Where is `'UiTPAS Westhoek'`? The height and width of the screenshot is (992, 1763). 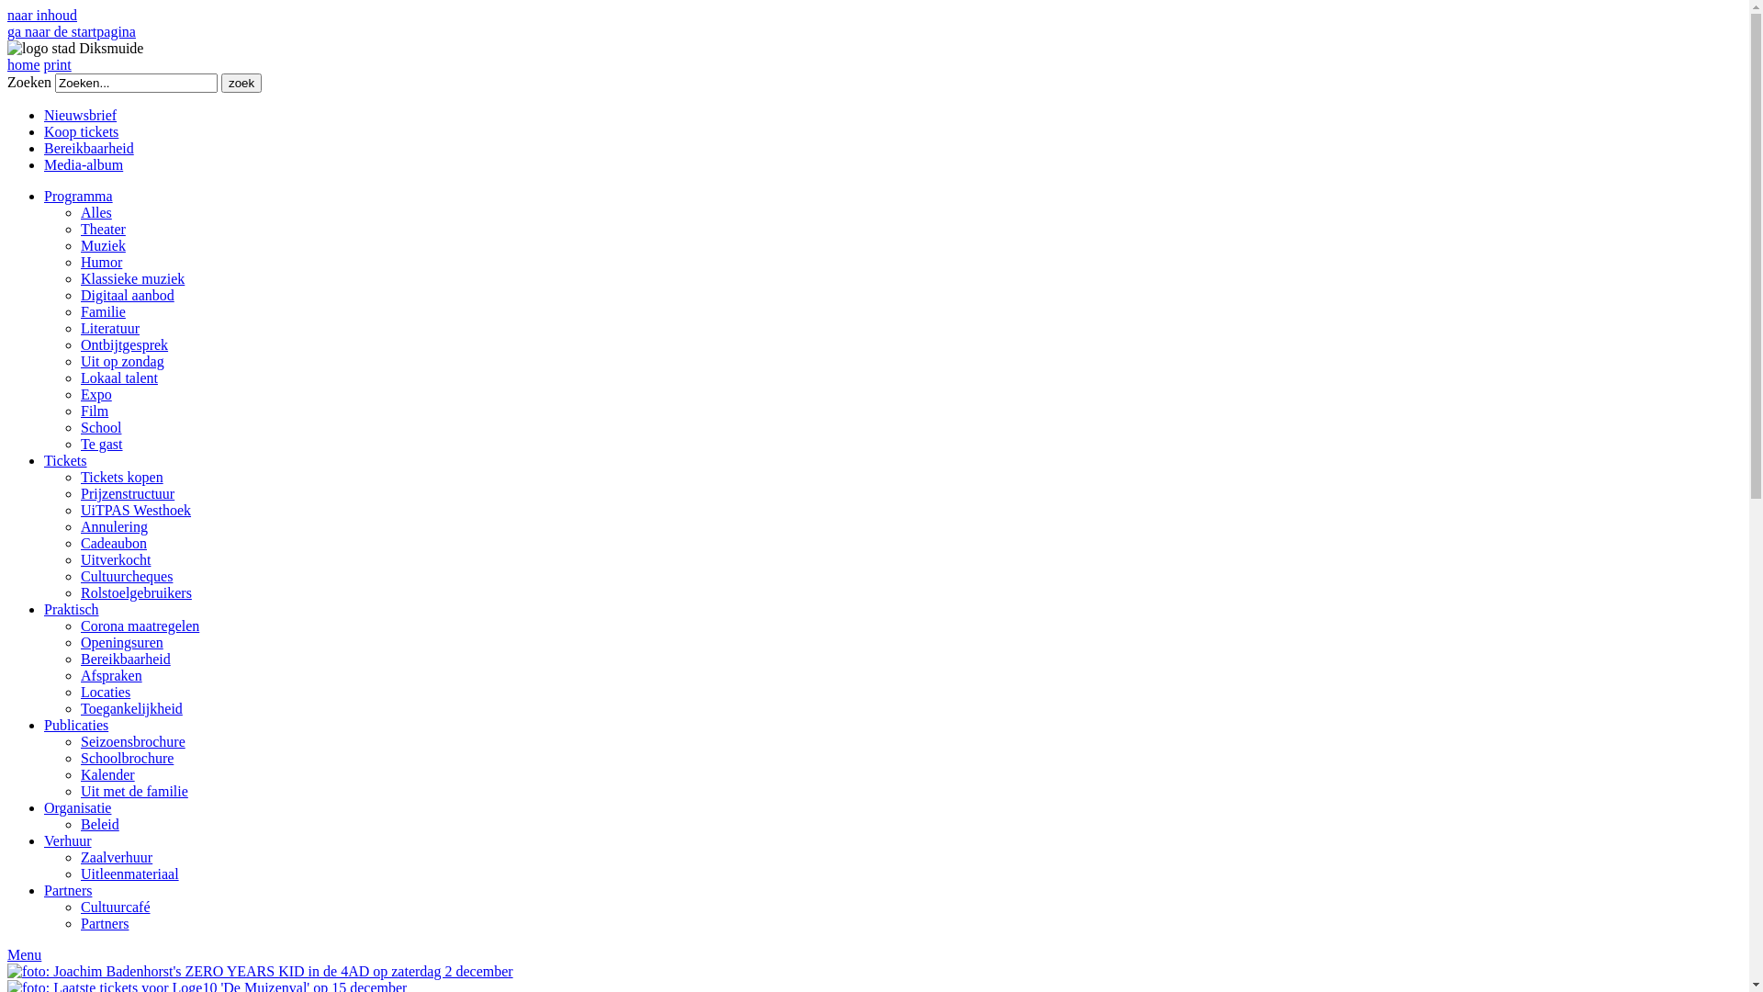
'UiTPAS Westhoek' is located at coordinates (135, 510).